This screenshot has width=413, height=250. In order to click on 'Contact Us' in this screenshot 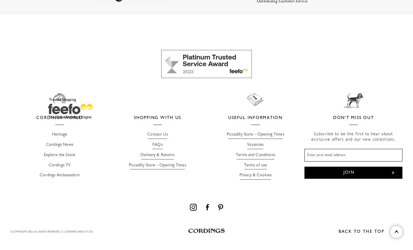, I will do `click(157, 134)`.